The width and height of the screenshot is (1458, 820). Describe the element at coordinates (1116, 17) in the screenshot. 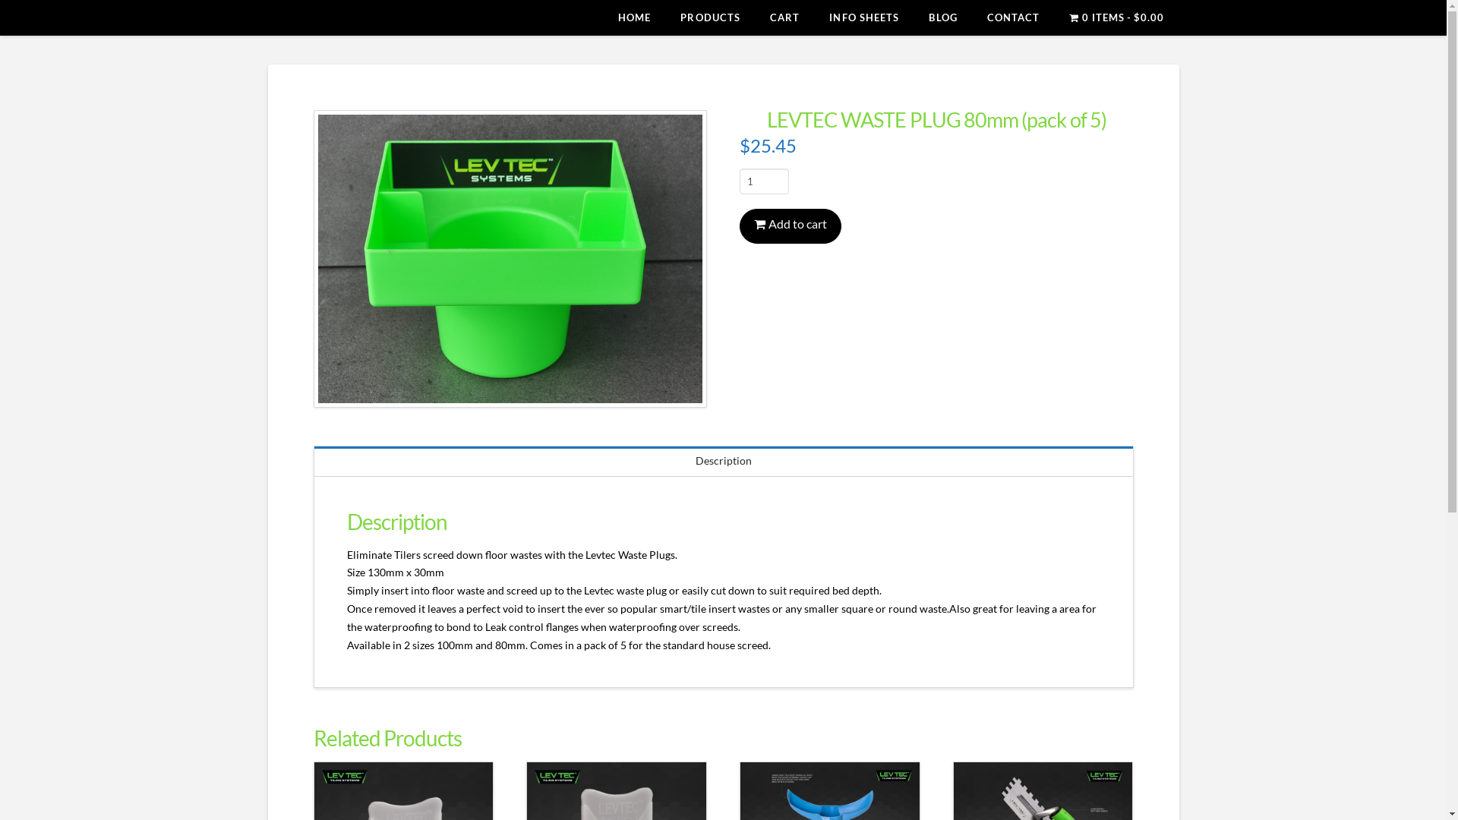

I see `'0 ITEMS$0.00'` at that location.